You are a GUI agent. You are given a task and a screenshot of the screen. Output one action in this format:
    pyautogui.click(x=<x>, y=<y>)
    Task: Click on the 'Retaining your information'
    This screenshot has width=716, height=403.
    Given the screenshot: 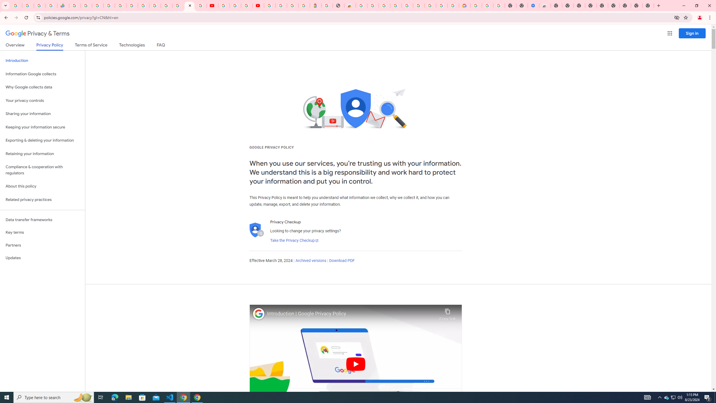 What is the action you would take?
    pyautogui.click(x=42, y=154)
    